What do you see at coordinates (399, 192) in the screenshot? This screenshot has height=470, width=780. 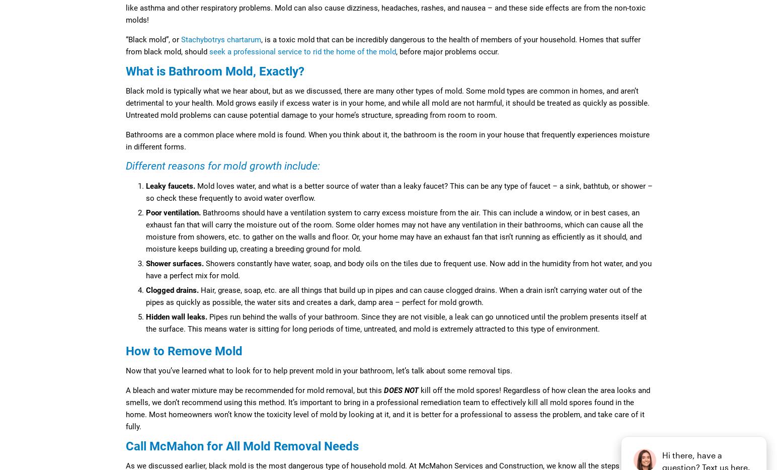 I see `'Mold loves water, and what is a better source of water than a leaky faucet? This can be any type of faucet – a sink, bathtub, or shower – so check these frequently to avoid water overflow.'` at bounding box center [399, 192].